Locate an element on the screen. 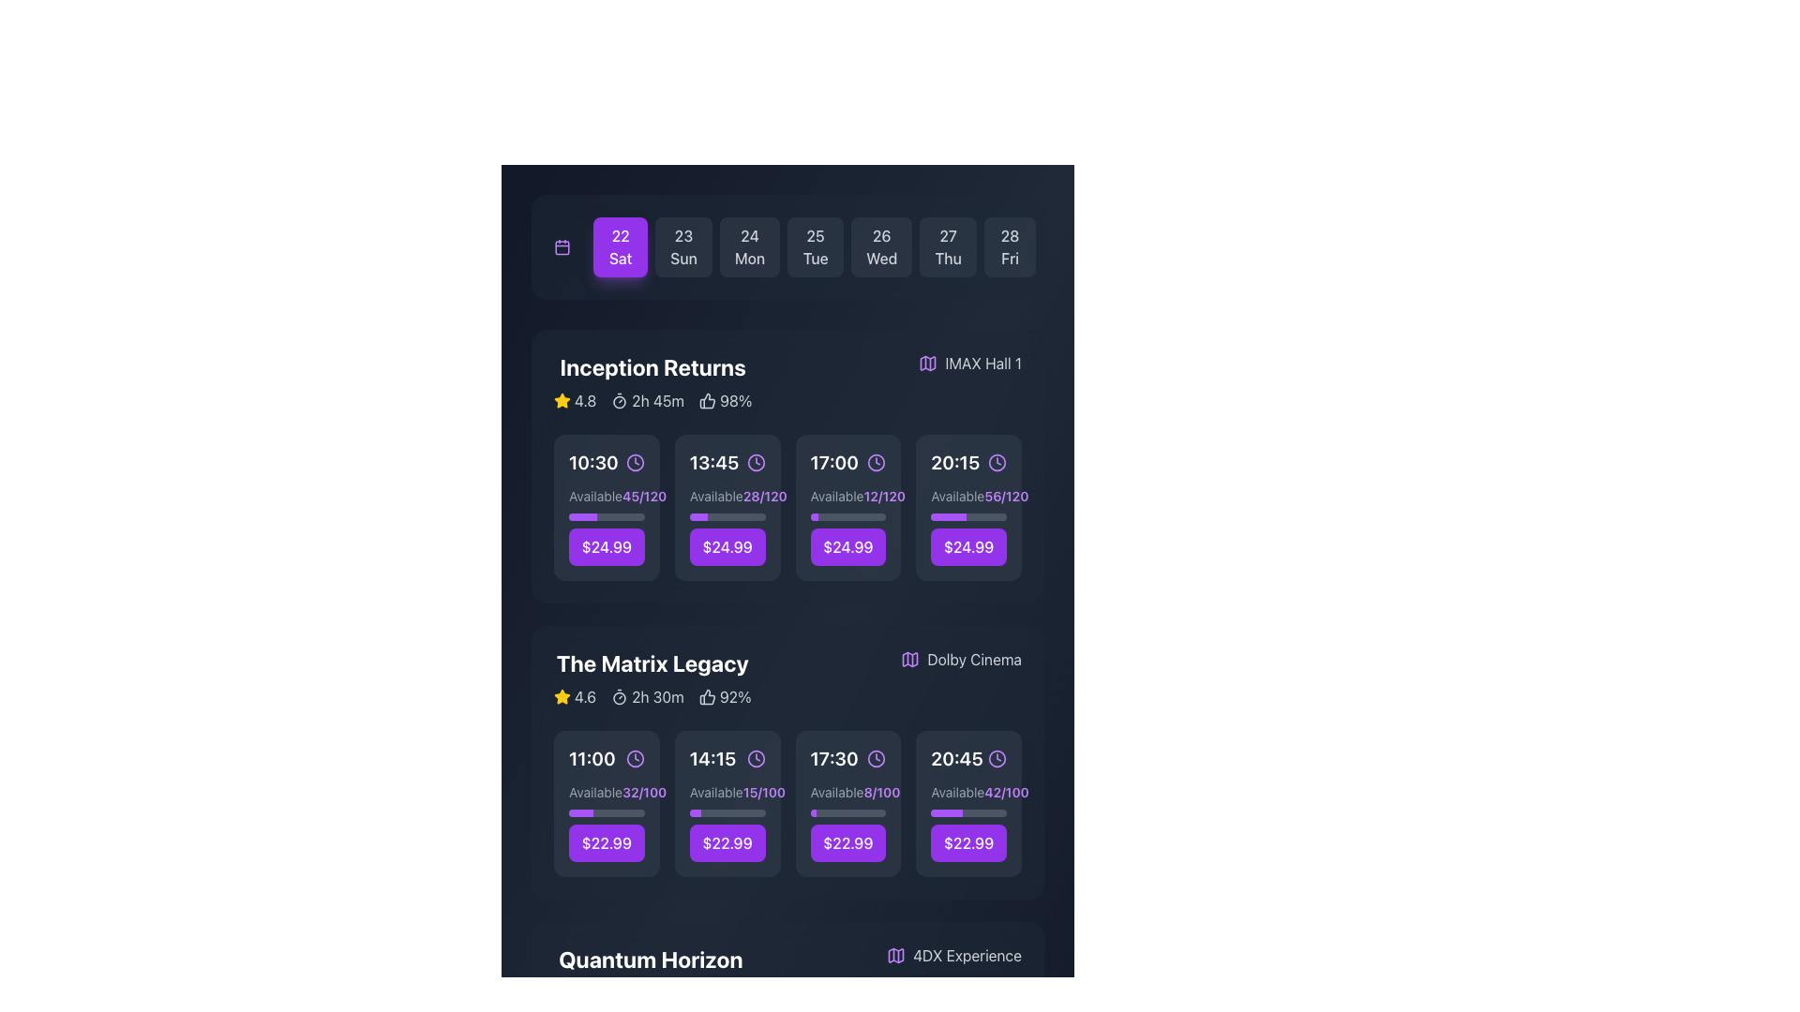 The image size is (1800, 1012). the button associated with the movie showtime section is located at coordinates (616, 802).